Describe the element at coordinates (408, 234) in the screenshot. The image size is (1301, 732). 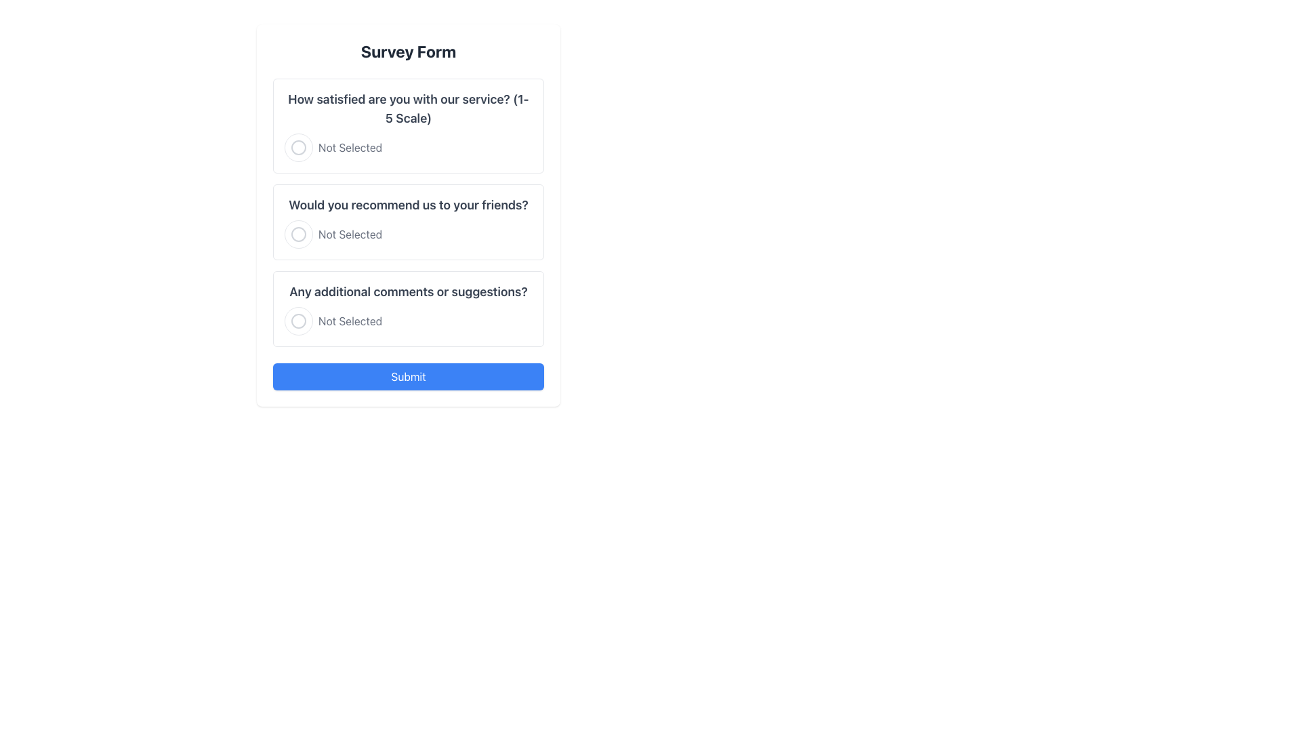
I see `the unselected radio button labeled 'Not Selected'` at that location.